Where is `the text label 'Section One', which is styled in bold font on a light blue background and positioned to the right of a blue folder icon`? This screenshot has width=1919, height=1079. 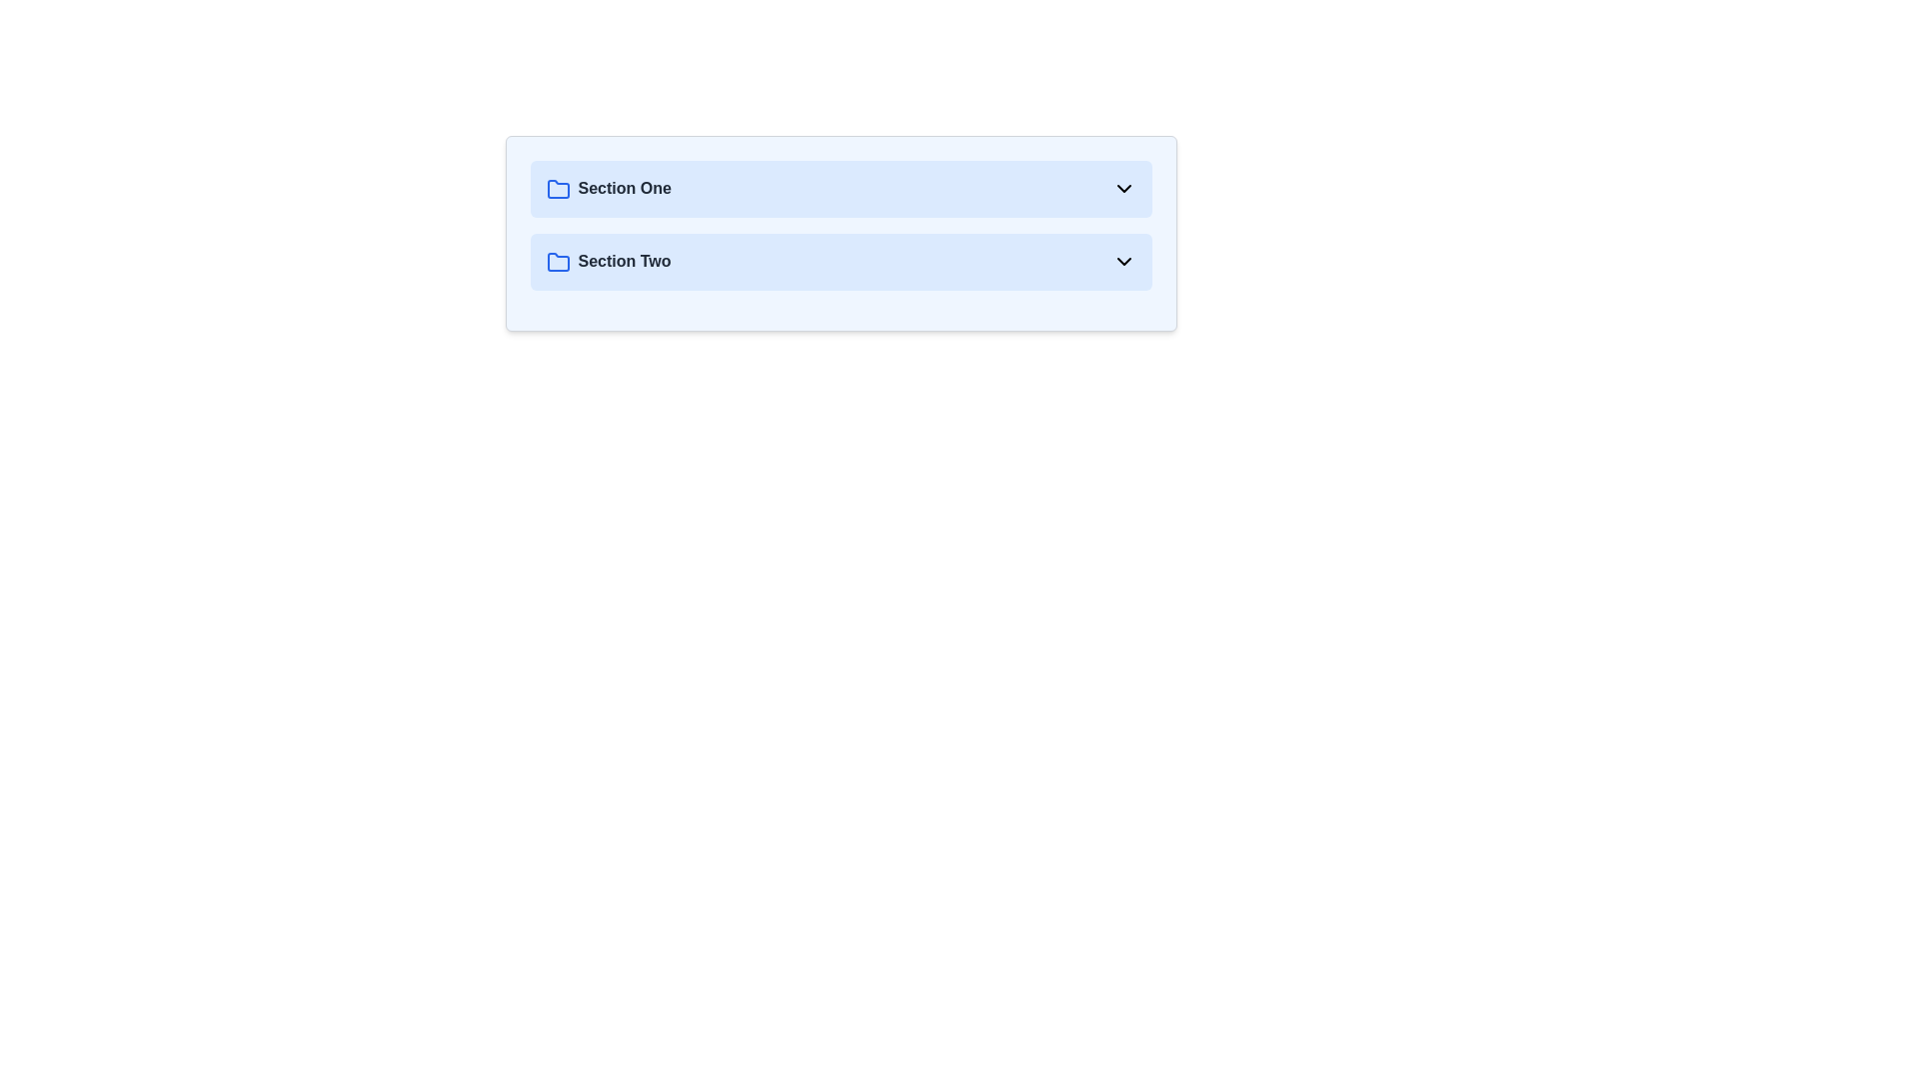
the text label 'Section One', which is styled in bold font on a light blue background and positioned to the right of a blue folder icon is located at coordinates (608, 189).